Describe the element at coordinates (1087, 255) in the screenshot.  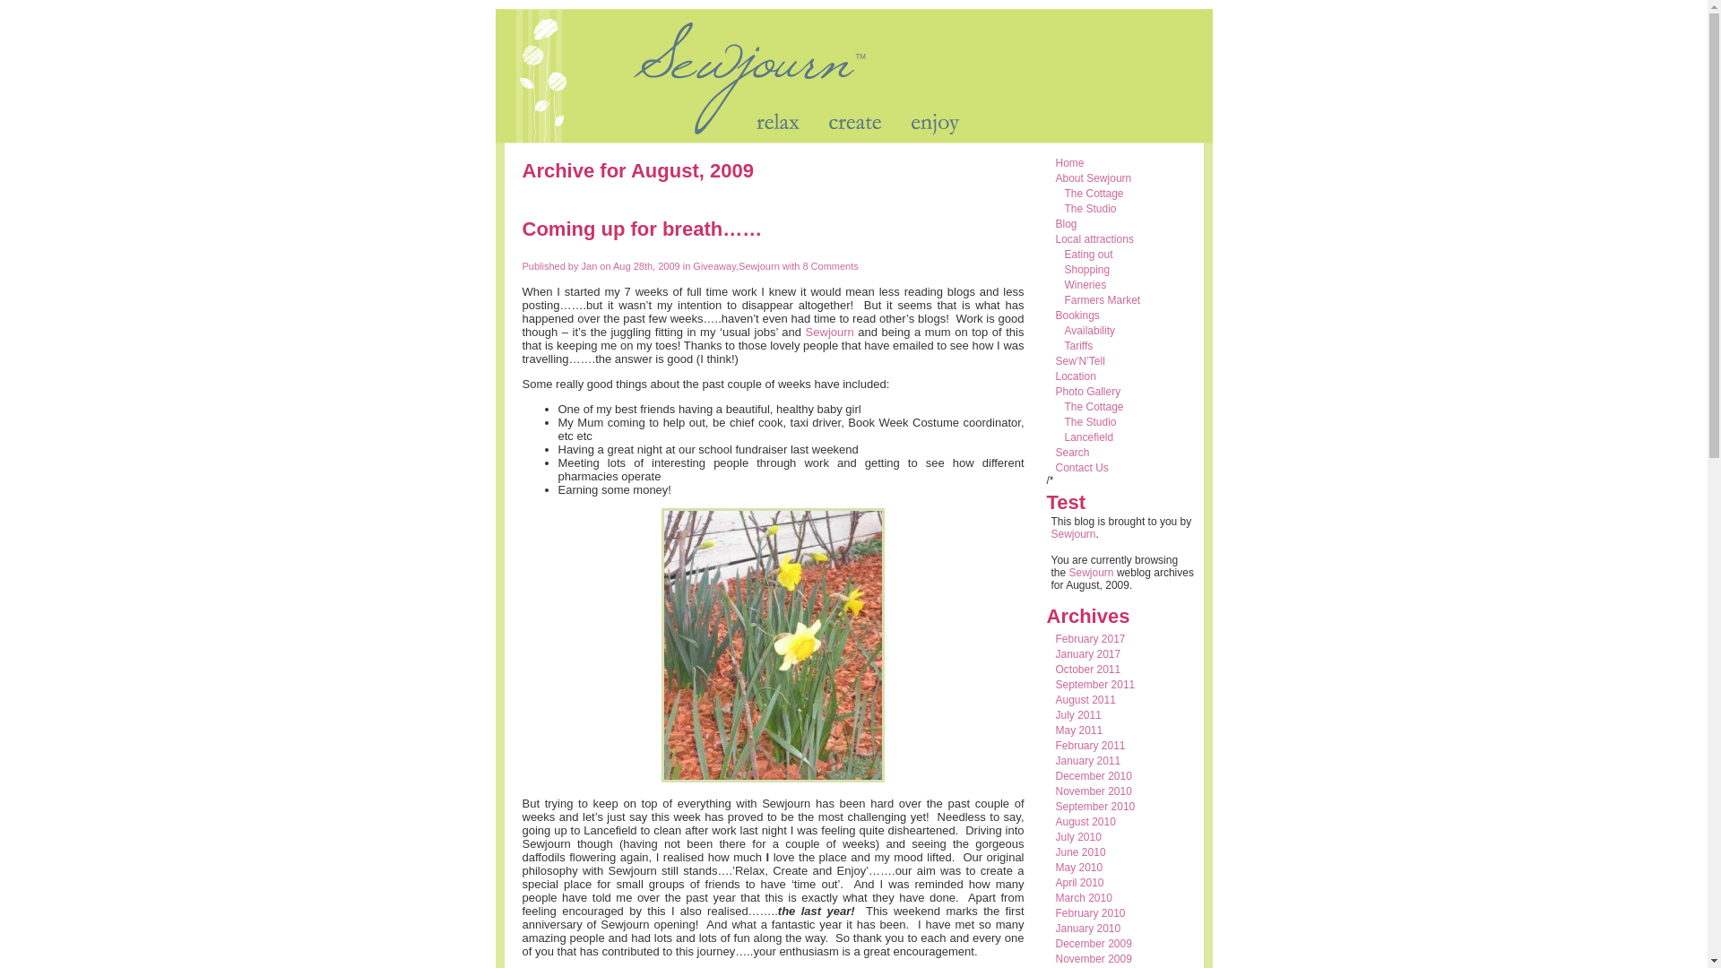
I see `'Eating out'` at that location.